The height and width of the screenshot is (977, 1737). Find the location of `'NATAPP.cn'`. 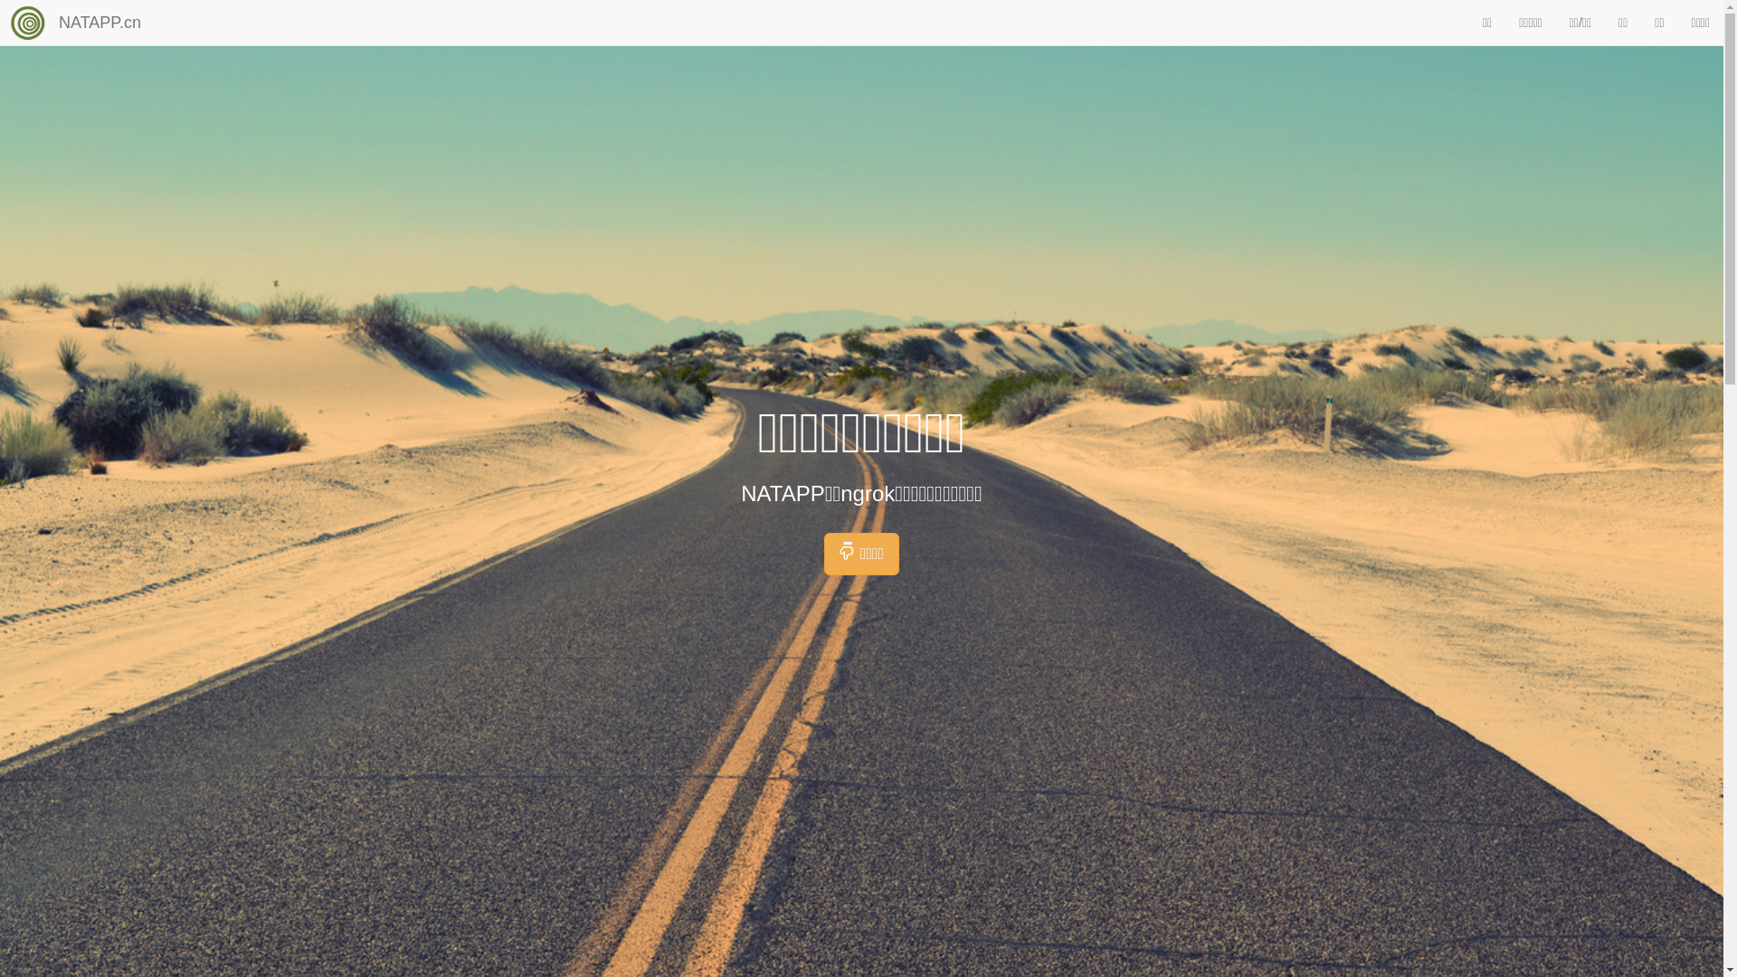

'NATAPP.cn' is located at coordinates (44, 22).